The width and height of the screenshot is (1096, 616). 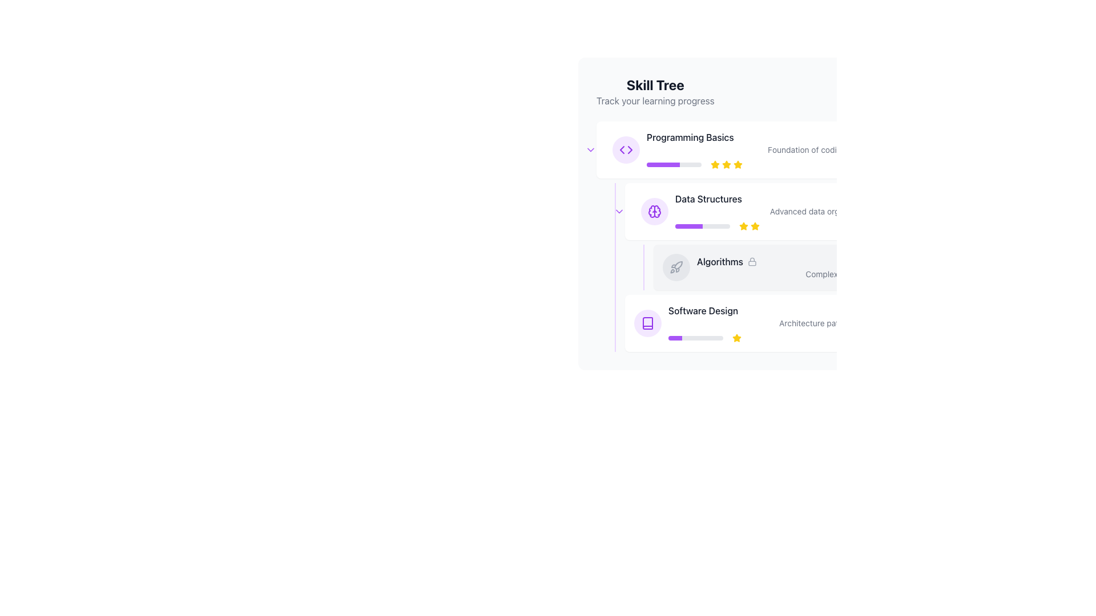 I want to click on the descriptive text label located directly below the 'Programming Basics' title, which provides additional information about the section, so click(x=806, y=149).